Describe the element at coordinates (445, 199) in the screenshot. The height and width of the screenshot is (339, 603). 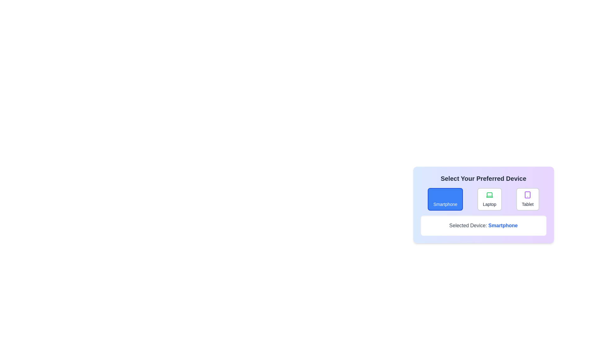
I see `the 'Smartphone' button` at that location.